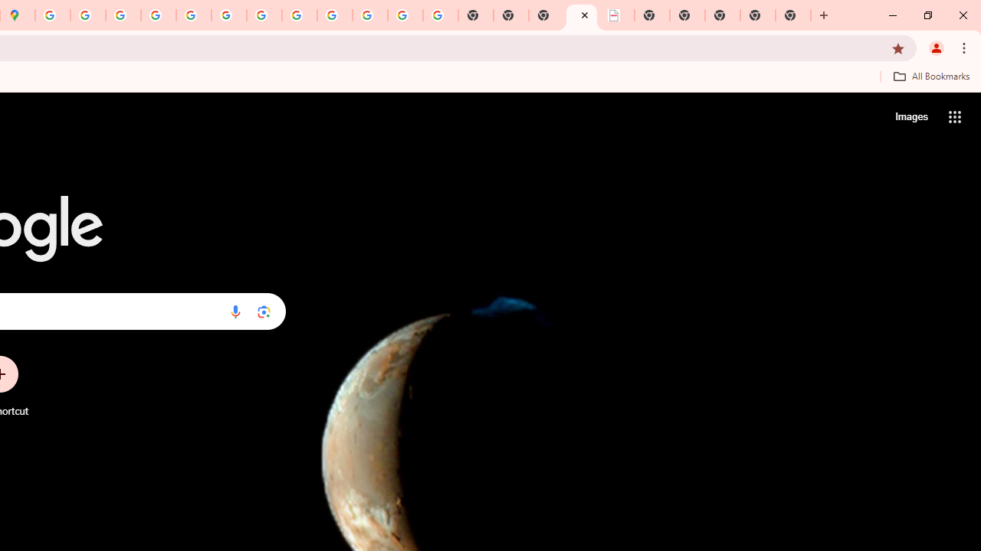 Image resolution: width=981 pixels, height=551 pixels. I want to click on 'YouTube', so click(264, 15).